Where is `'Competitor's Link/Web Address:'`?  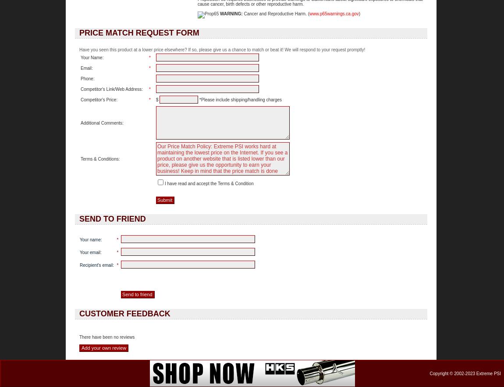
'Competitor's Link/Web Address:' is located at coordinates (111, 89).